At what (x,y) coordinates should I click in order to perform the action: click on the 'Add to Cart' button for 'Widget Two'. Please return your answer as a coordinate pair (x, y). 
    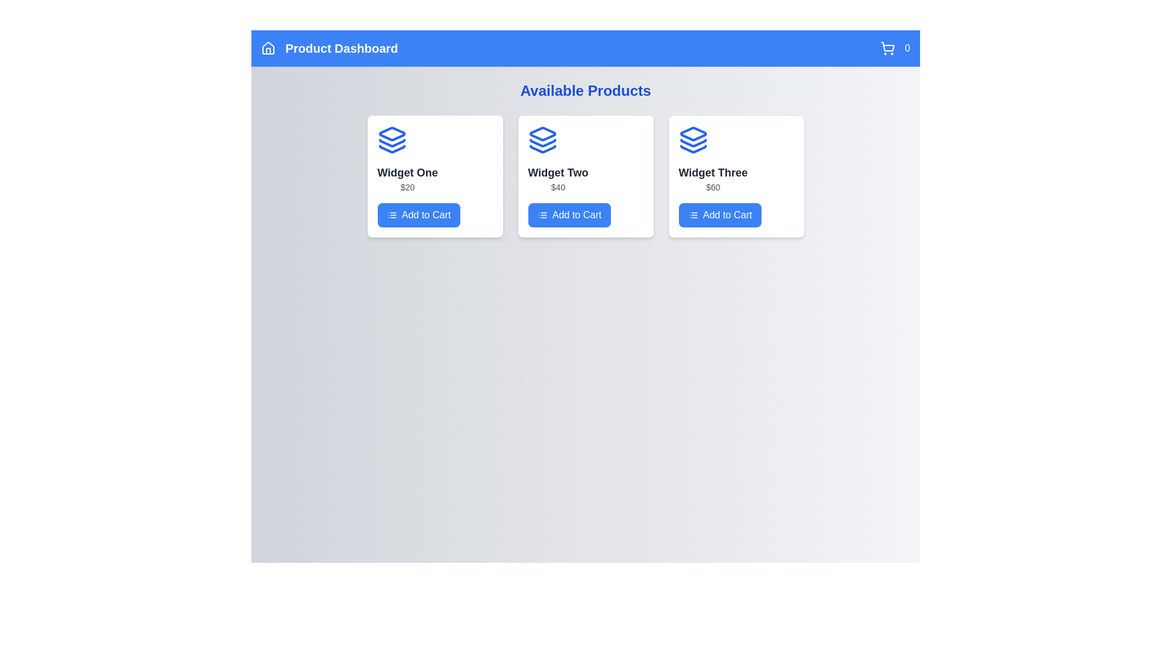
    Looking at the image, I should click on (568, 214).